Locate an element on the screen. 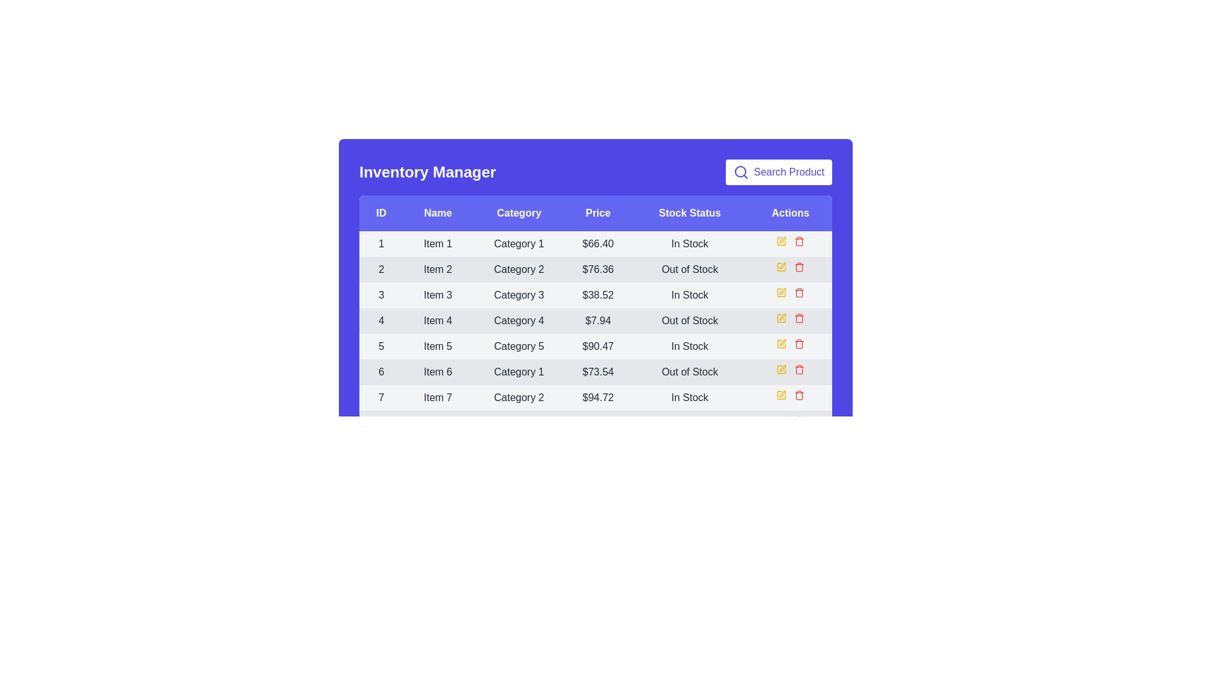  the column header Price to sort the table by that column is located at coordinates (596, 212).